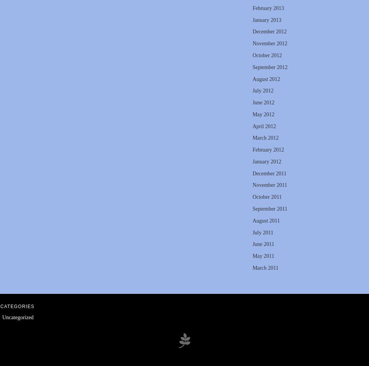 The width and height of the screenshot is (369, 366). I want to click on 'January 2012', so click(266, 161).